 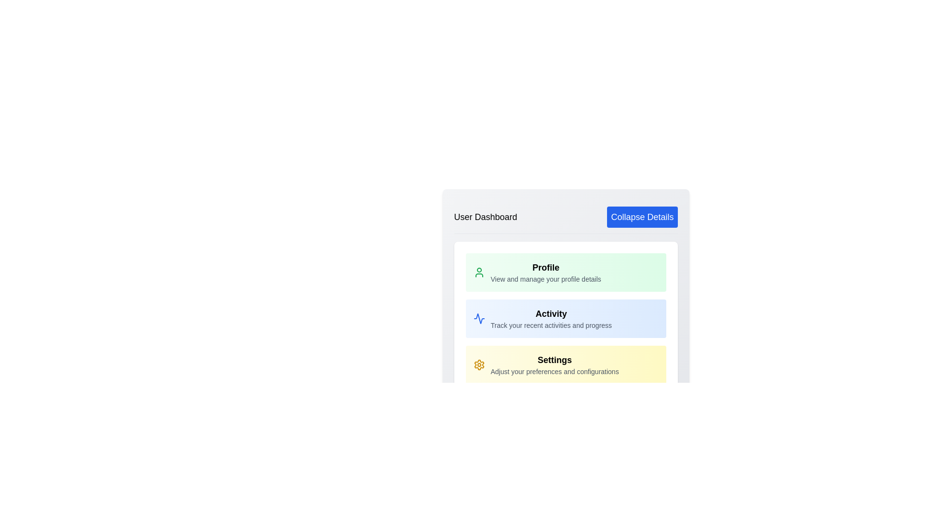 What do you see at coordinates (479, 365) in the screenshot?
I see `the settings cogwheel icon located at the bottom of the vertical menu list, adjacent to the 'Profile' and 'Activity' sections` at bounding box center [479, 365].